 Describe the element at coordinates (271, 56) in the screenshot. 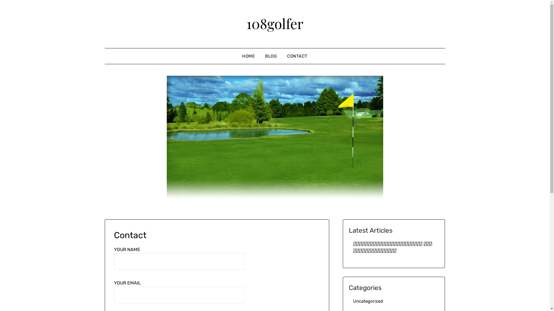

I see `'BLOG'` at that location.